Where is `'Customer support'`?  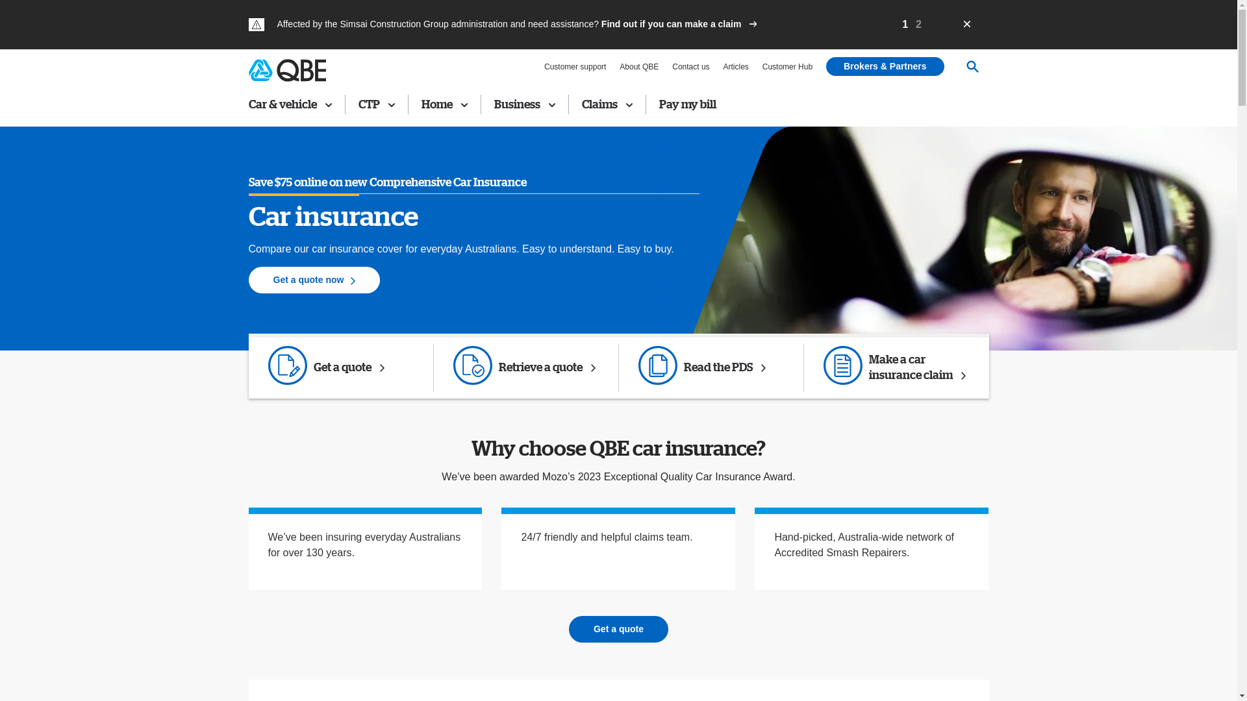 'Customer support' is located at coordinates (544, 67).